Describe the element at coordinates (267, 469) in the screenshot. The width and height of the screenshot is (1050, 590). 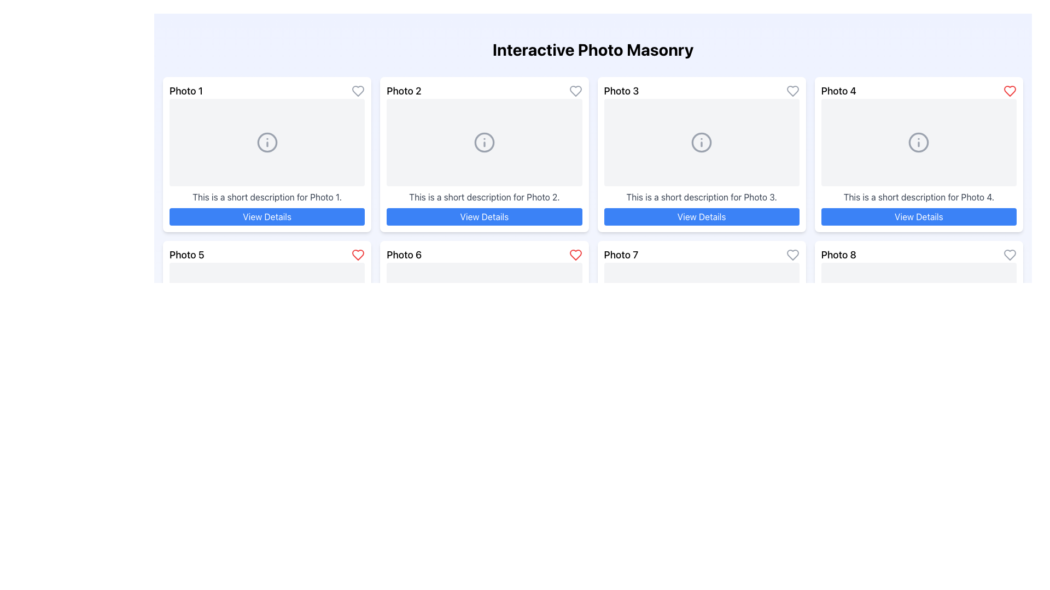
I see `central icon in the grid layout that indicates additional information, located in the card corresponding to Photo 5 in the second row` at that location.